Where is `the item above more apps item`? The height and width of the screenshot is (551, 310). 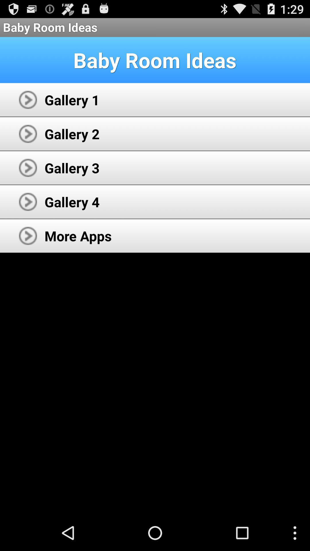
the item above more apps item is located at coordinates (72, 202).